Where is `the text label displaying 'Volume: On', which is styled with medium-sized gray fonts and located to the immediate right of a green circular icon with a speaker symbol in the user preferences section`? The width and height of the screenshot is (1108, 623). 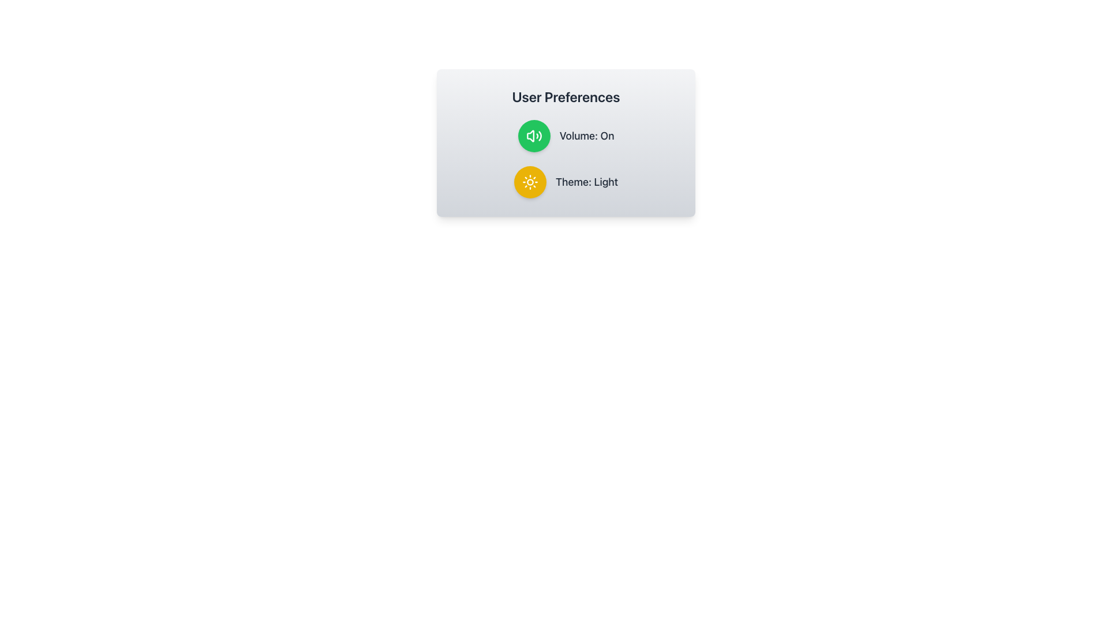 the text label displaying 'Volume: On', which is styled with medium-sized gray fonts and located to the immediate right of a green circular icon with a speaker symbol in the user preferences section is located at coordinates (587, 135).